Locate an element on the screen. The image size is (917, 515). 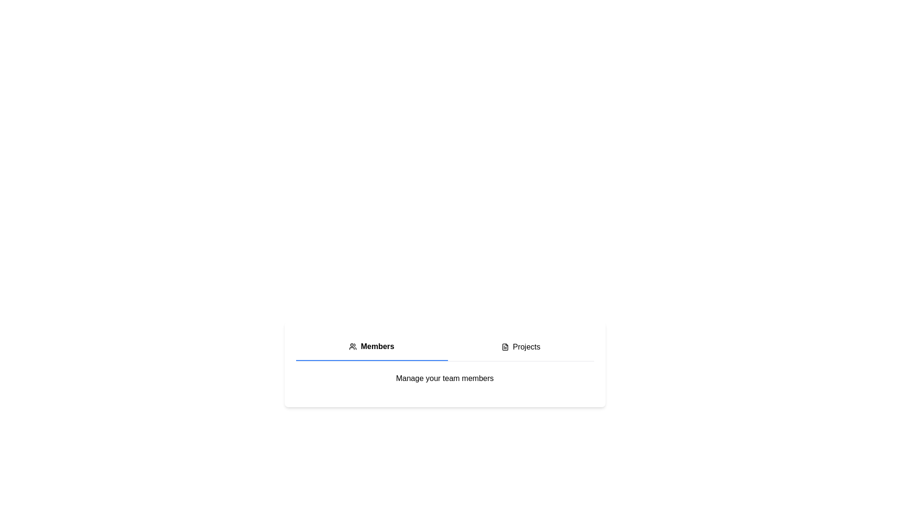
the 'Members' tab in the navigation bar is located at coordinates (371, 347).